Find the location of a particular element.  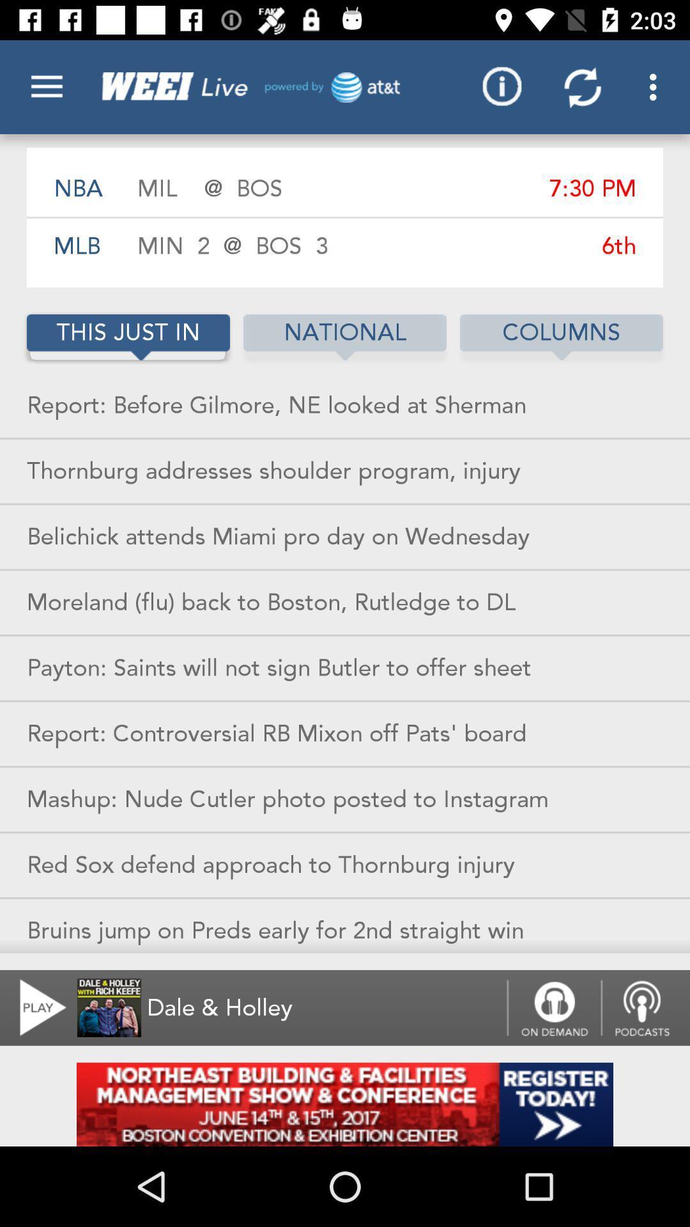

podcasts button which is at bottom of the page is located at coordinates (645, 1007).